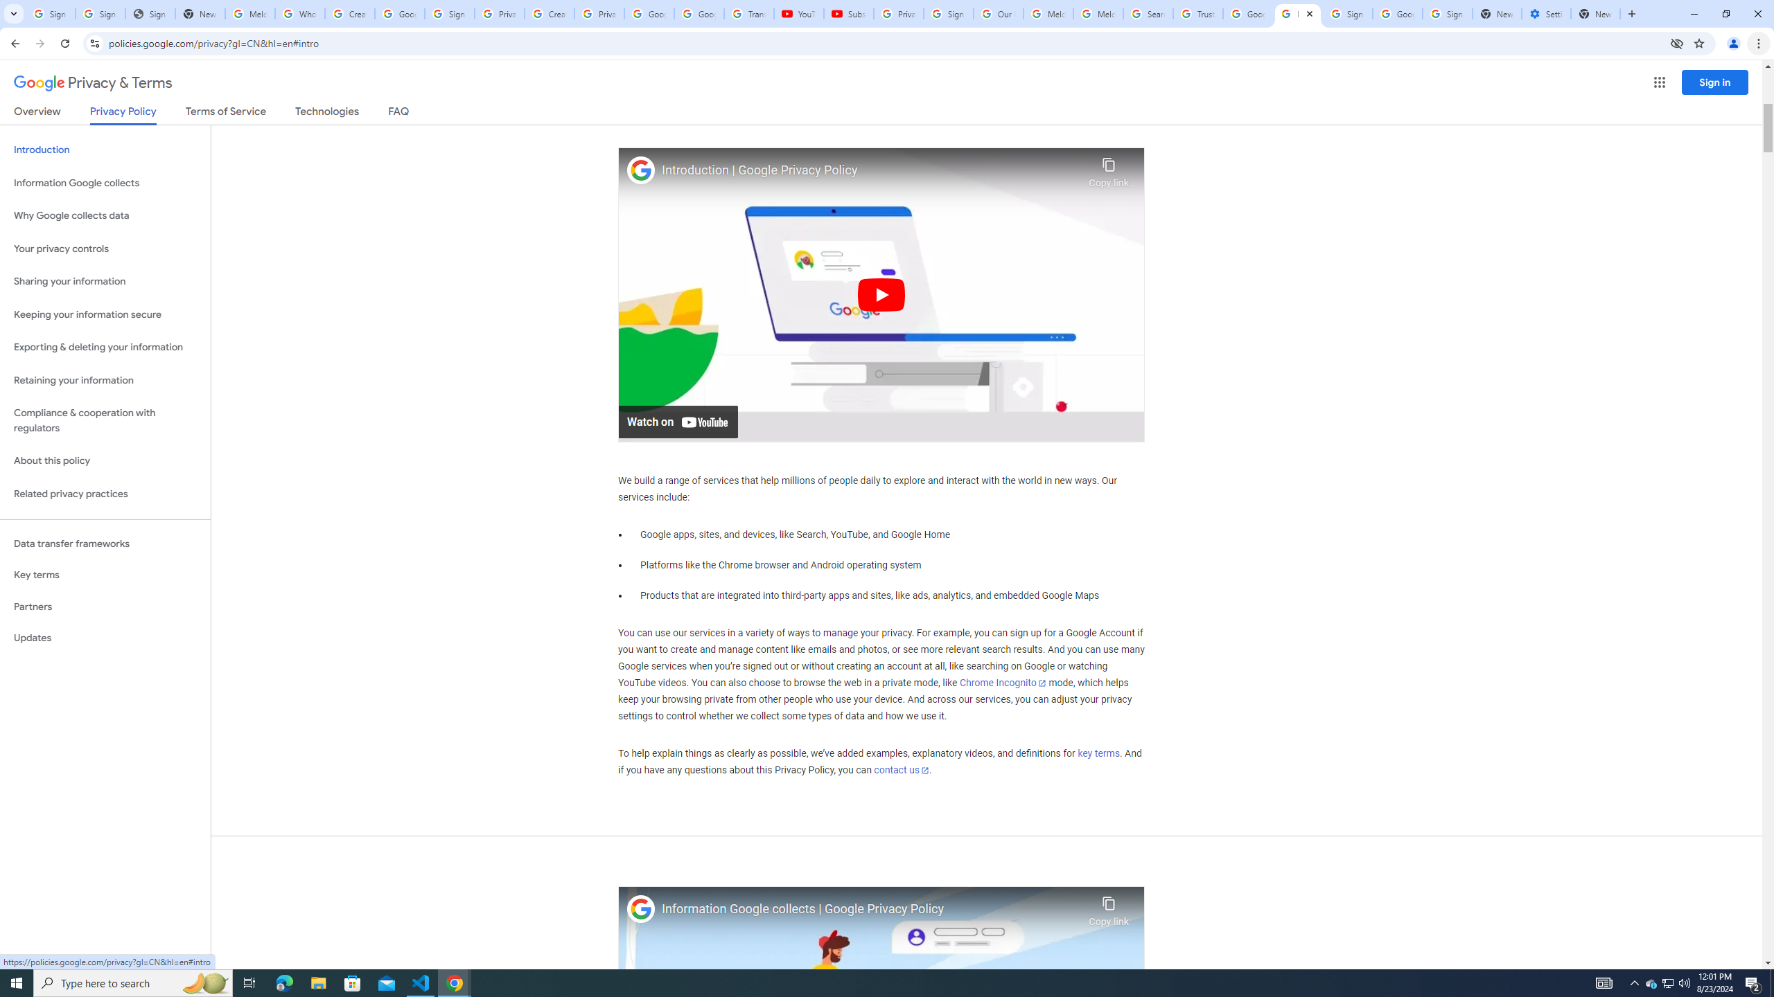 The width and height of the screenshot is (1774, 997). Describe the element at coordinates (1396, 13) in the screenshot. I see `'Google Cybersecurity Innovations - Google Safety Center'` at that location.